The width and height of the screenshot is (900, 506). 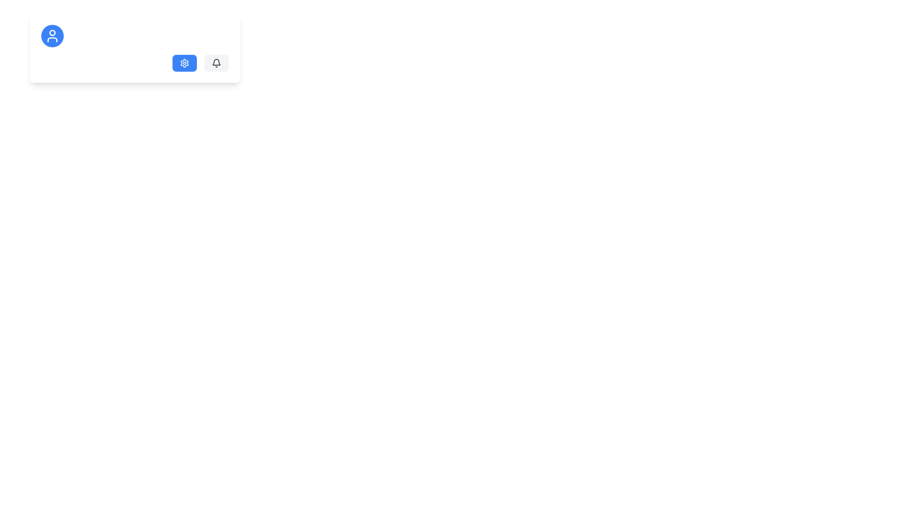 What do you see at coordinates (52, 36) in the screenshot?
I see `the user-profile icon located at the top-left corner of the interface` at bounding box center [52, 36].